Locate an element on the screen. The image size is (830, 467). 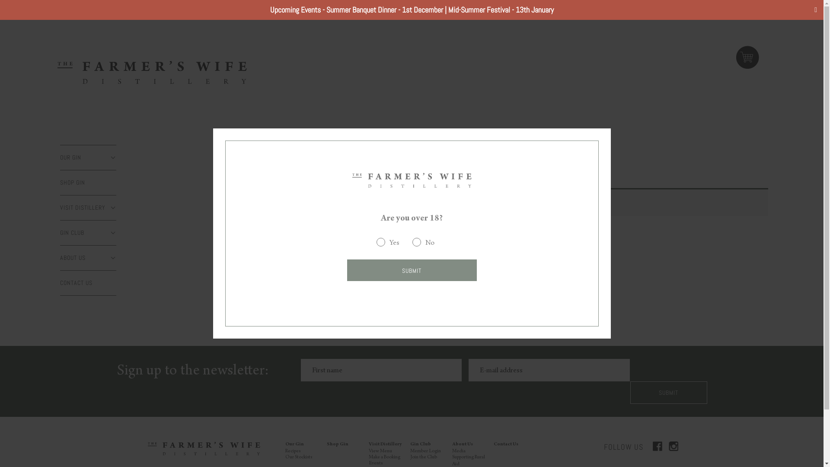
'Shop Gin' is located at coordinates (337, 445).